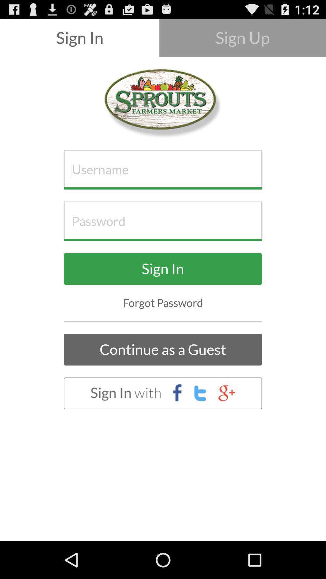  I want to click on the continue as a item, so click(162, 350).